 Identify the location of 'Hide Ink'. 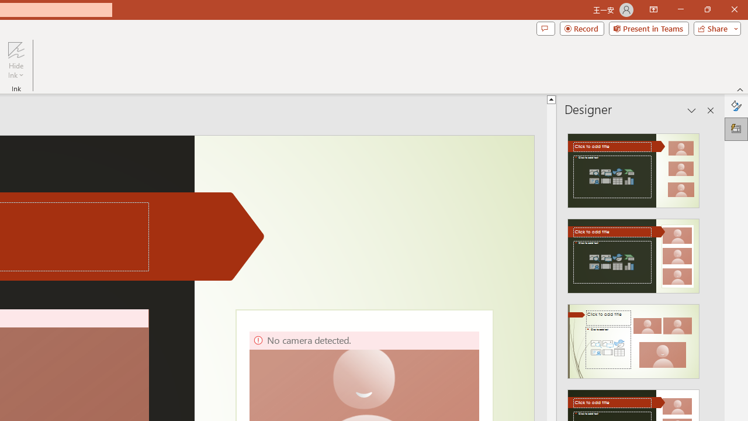
(16, 60).